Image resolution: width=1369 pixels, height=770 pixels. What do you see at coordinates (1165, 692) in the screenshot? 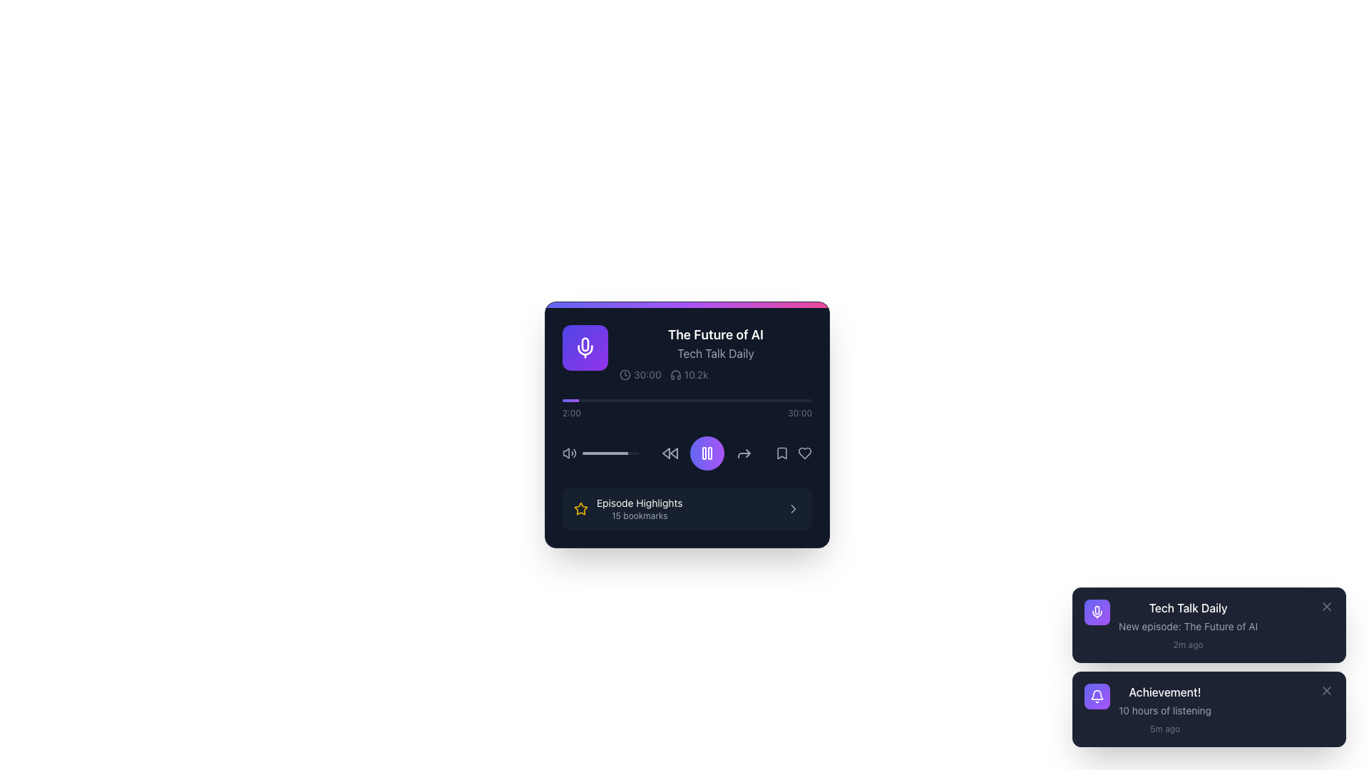
I see `the static text label displaying 'Achievement!' in bold, white font, which is positioned in the lower notification card, to the right of the notification bell icon` at bounding box center [1165, 692].